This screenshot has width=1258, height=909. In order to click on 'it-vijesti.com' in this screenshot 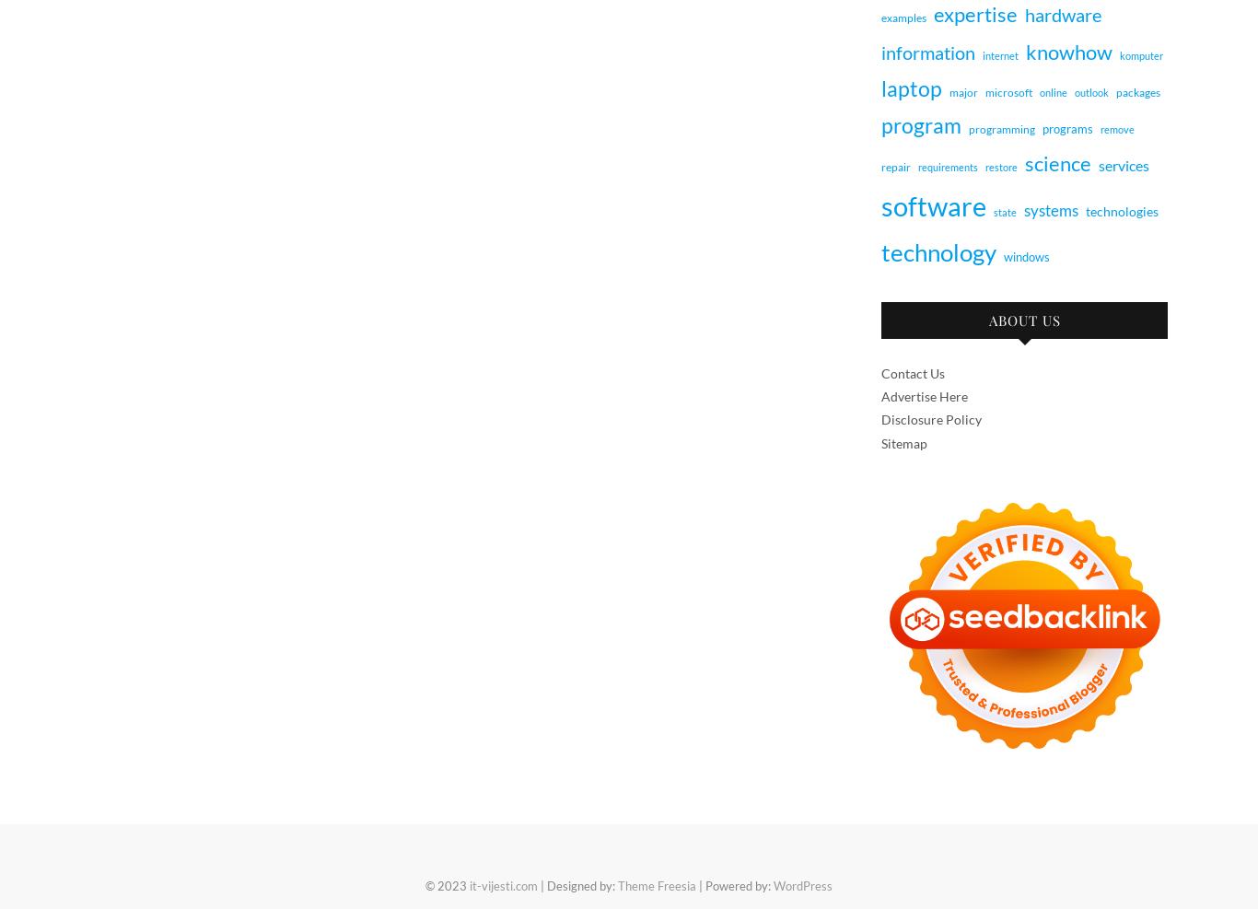, I will do `click(470, 885)`.